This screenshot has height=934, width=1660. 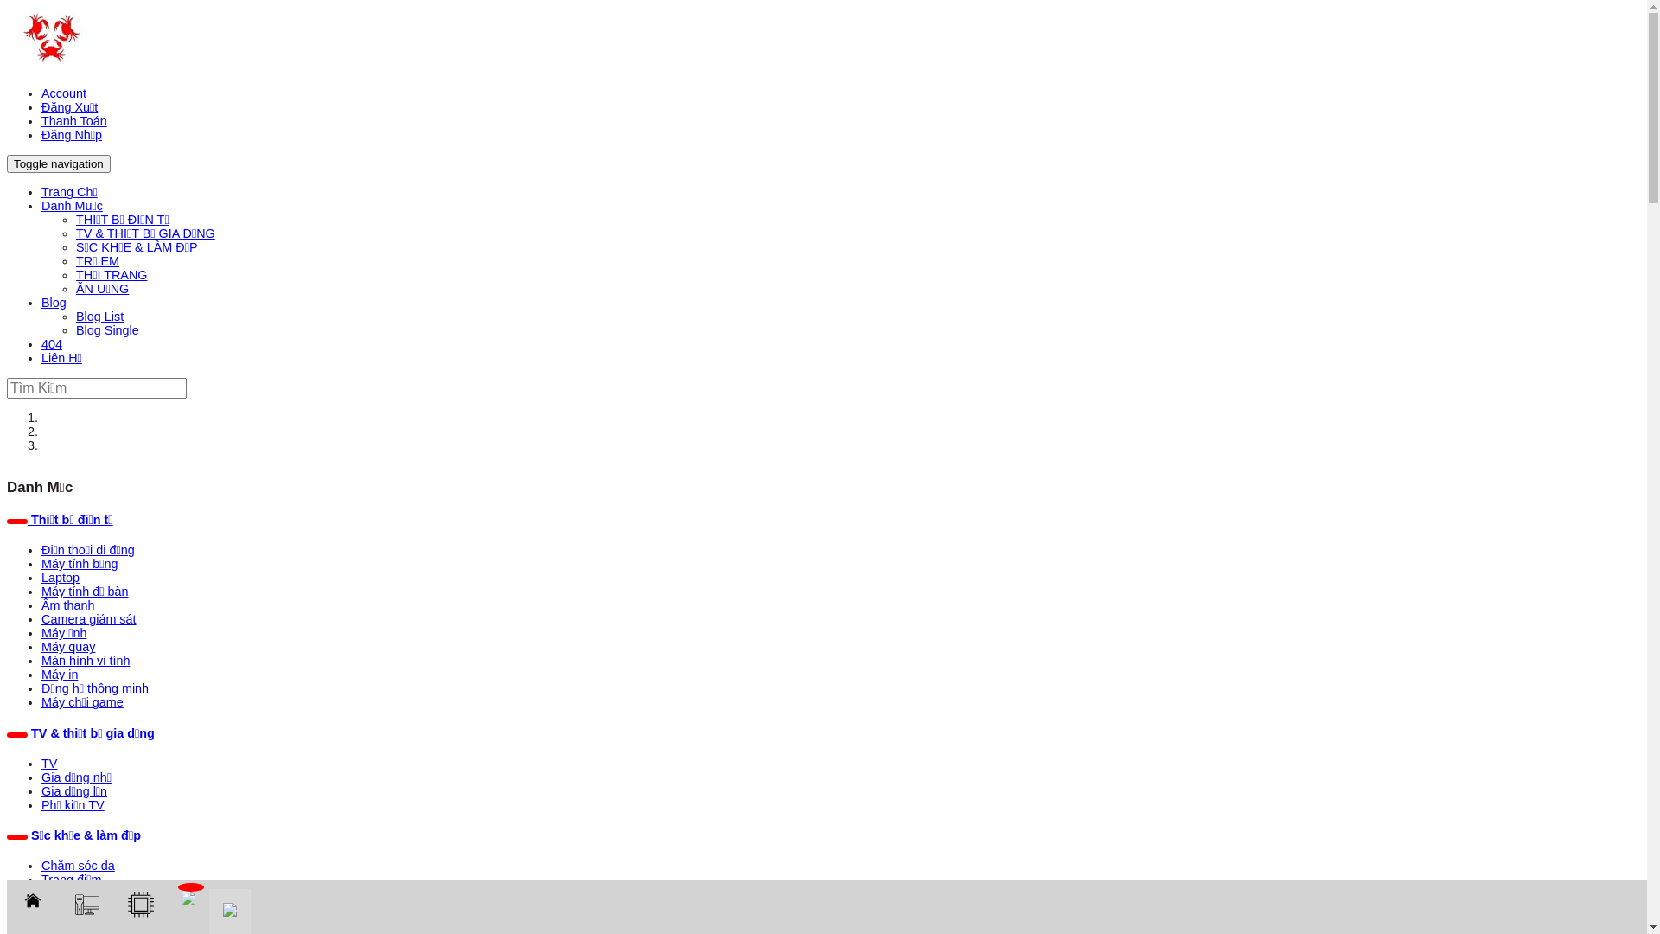 What do you see at coordinates (61, 577) in the screenshot?
I see `'Laptop'` at bounding box center [61, 577].